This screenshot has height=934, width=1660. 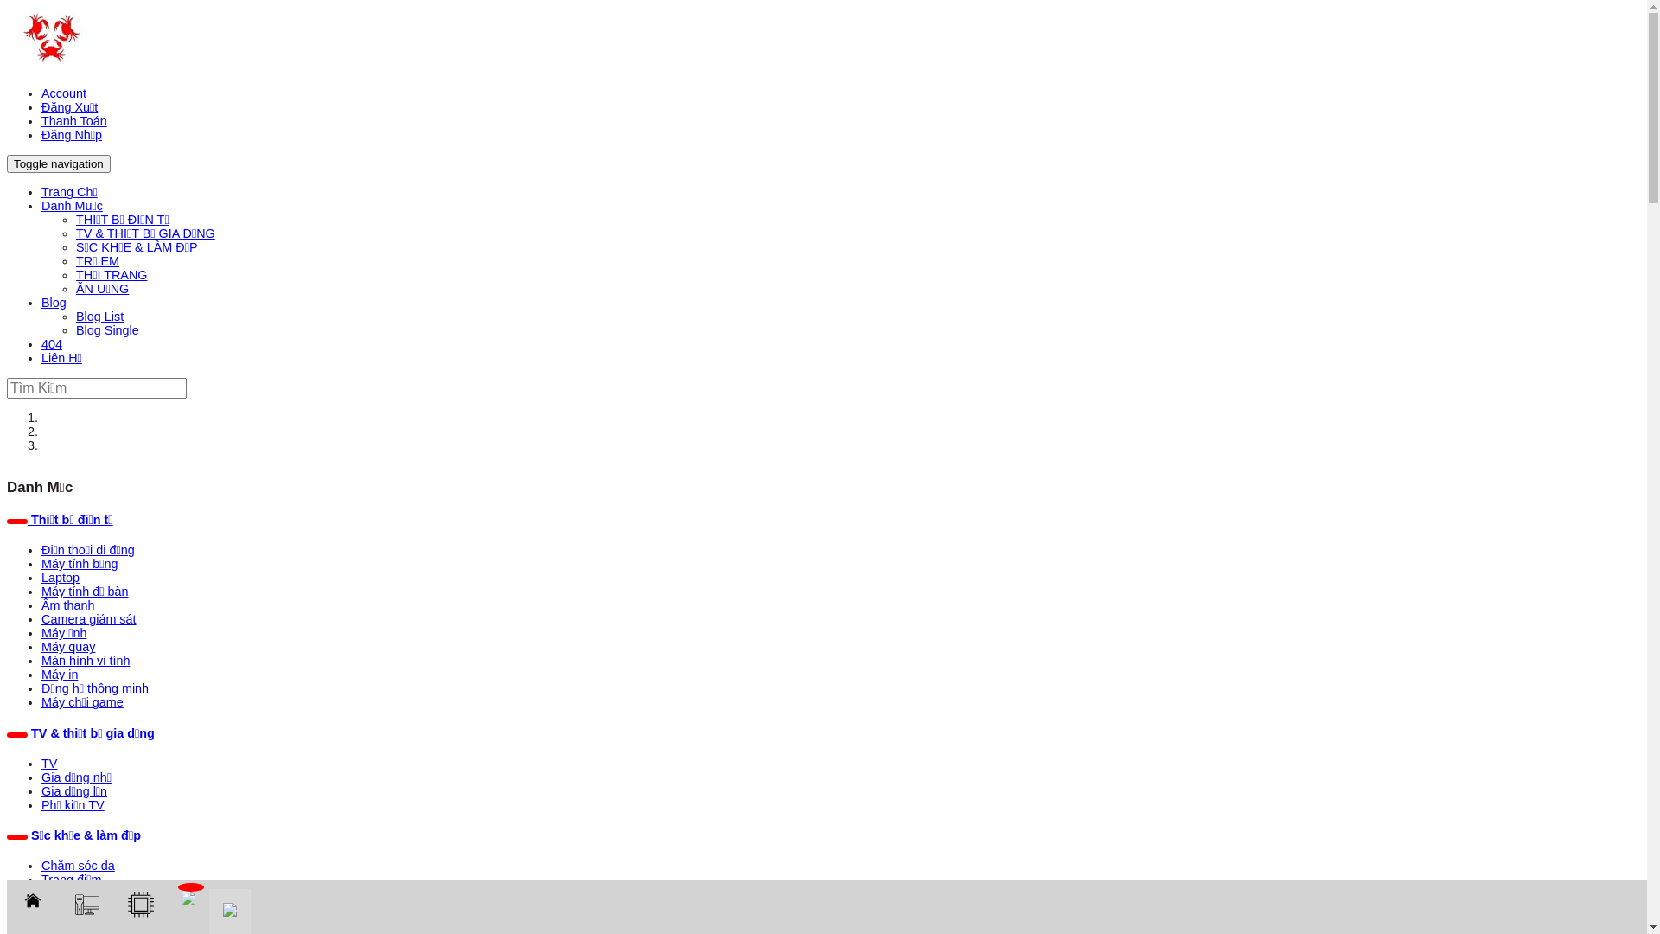 What do you see at coordinates (61, 577) in the screenshot?
I see `'Laptop'` at bounding box center [61, 577].